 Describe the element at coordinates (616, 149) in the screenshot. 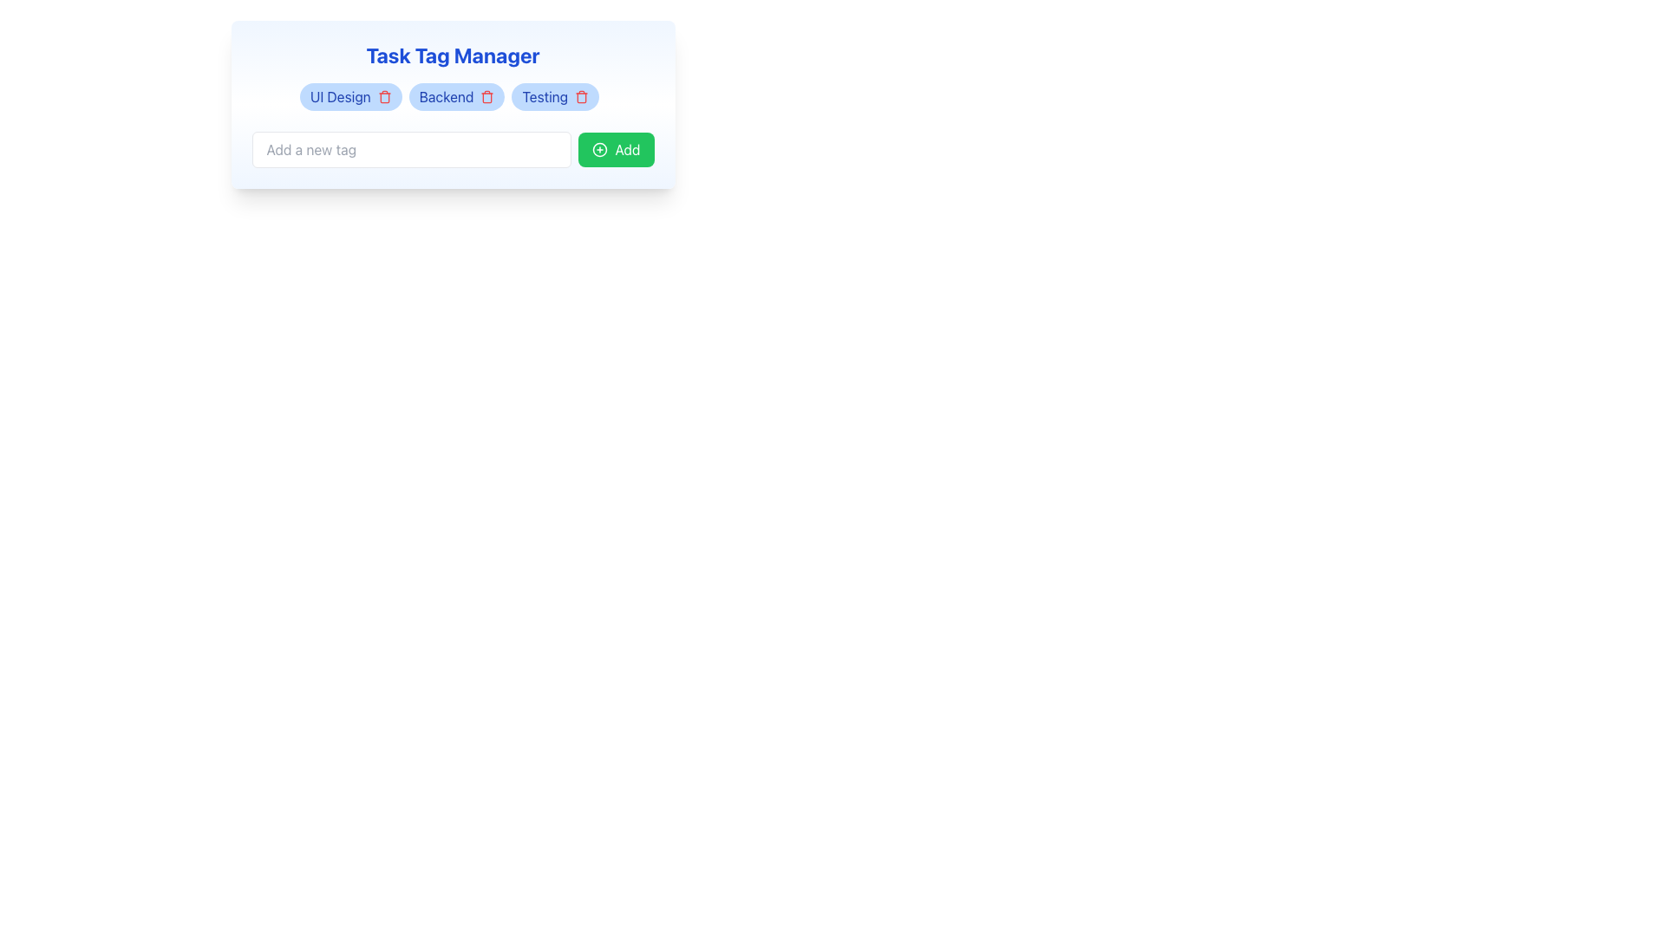

I see `the green button with rounded corners labeled 'Add', which shows a plus sign icon` at that location.